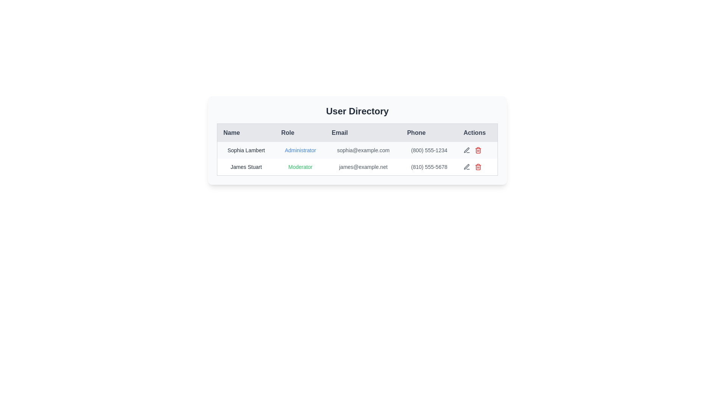 The width and height of the screenshot is (727, 409). What do you see at coordinates (363, 167) in the screenshot?
I see `the text label displaying the email address 'james@example.net' associated with user James Stuart in the user directory table` at bounding box center [363, 167].